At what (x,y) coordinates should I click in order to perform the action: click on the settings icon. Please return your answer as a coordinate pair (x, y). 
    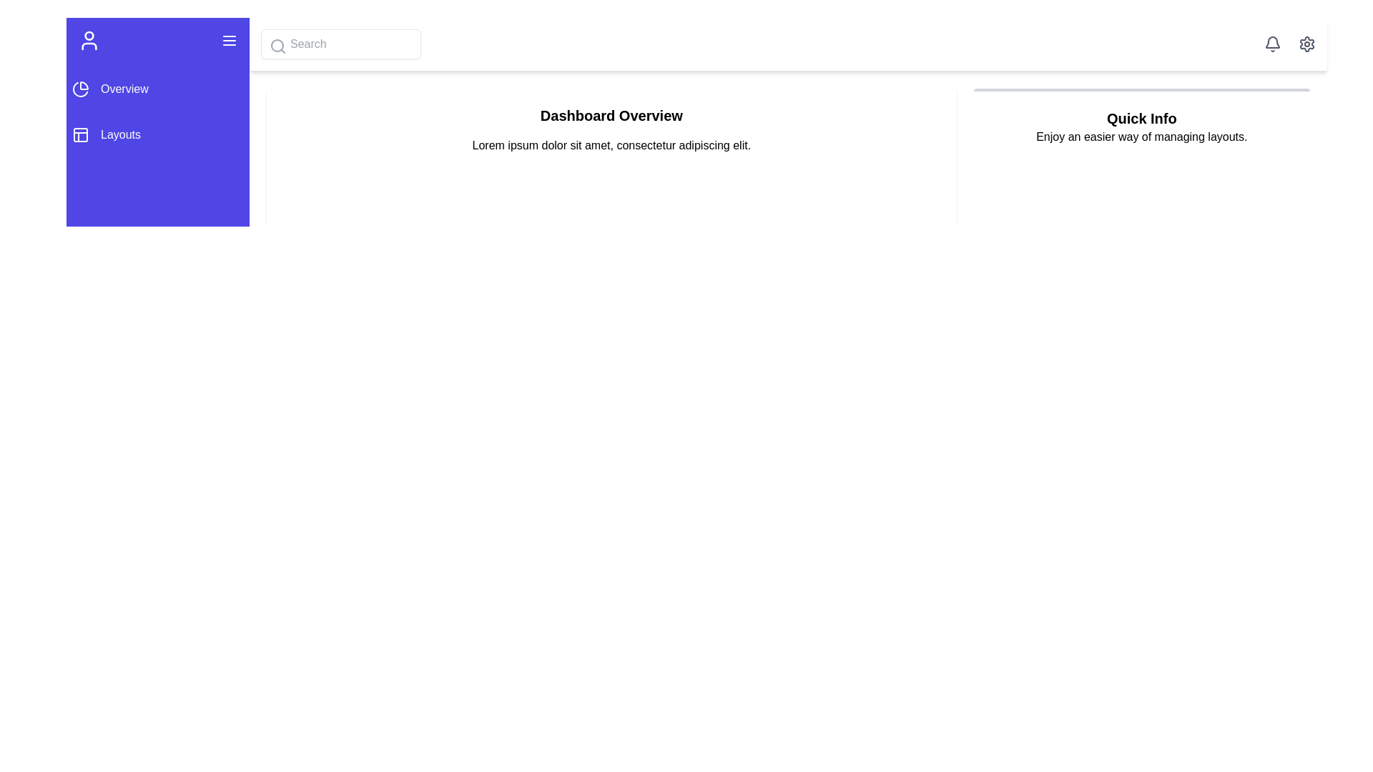
    Looking at the image, I should click on (1307, 43).